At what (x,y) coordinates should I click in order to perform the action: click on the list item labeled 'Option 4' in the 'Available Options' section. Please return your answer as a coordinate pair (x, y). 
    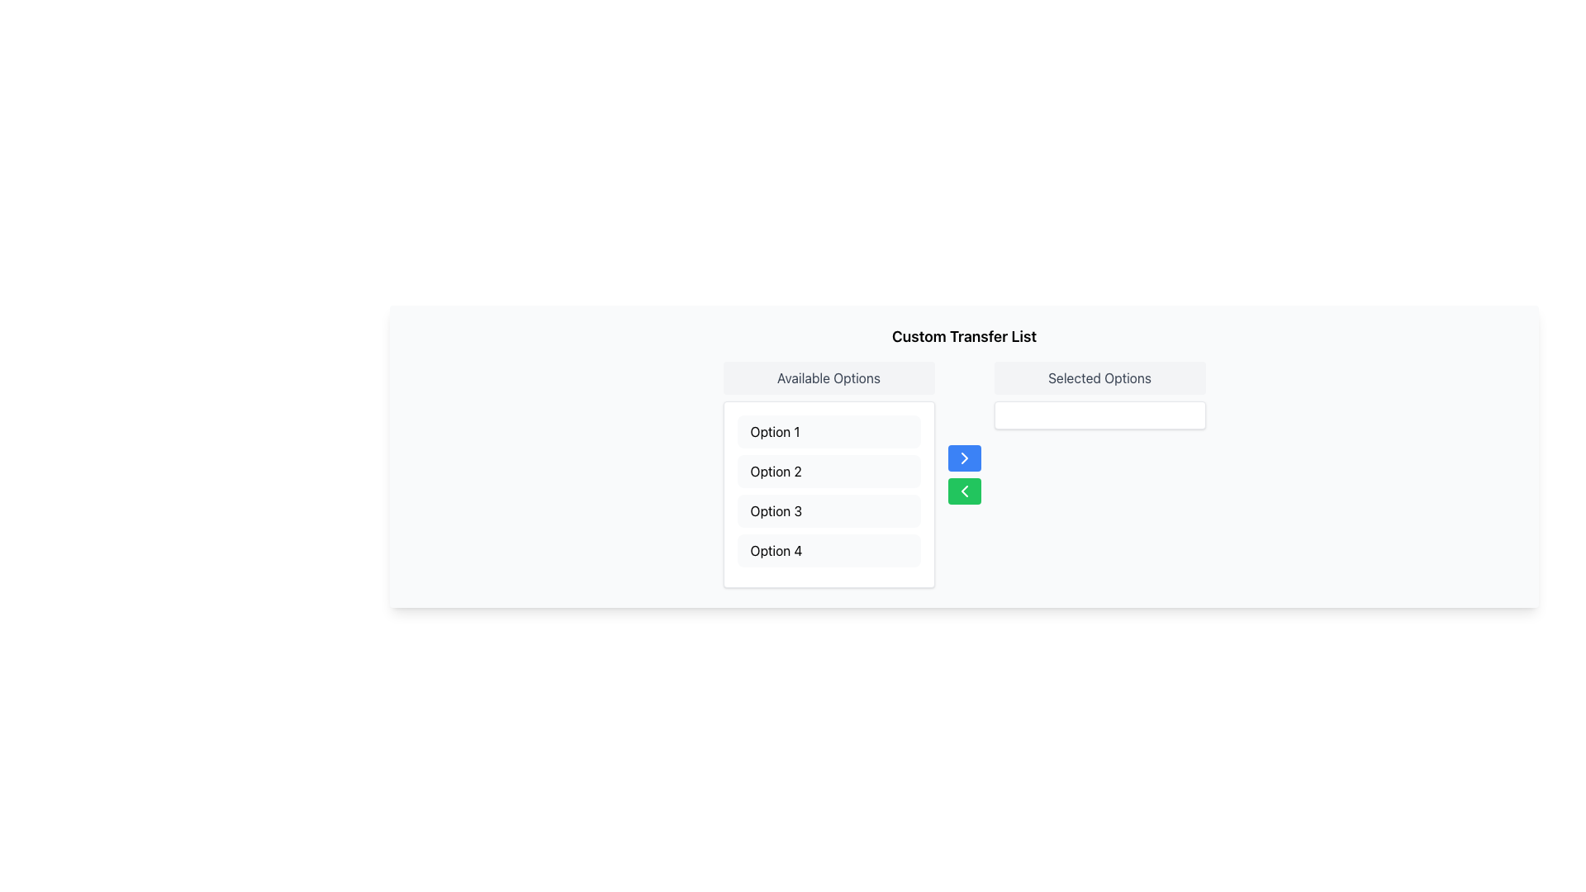
    Looking at the image, I should click on (829, 551).